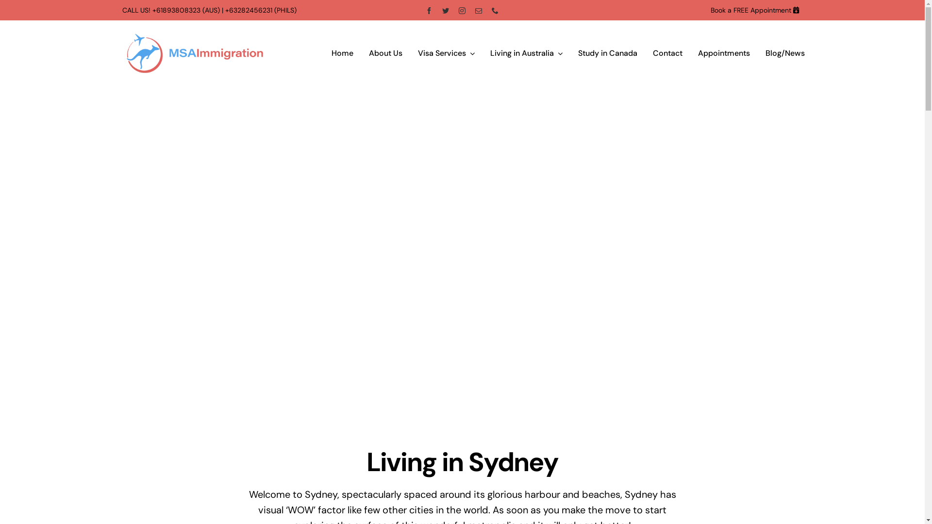 The image size is (932, 524). Describe the element at coordinates (428, 10) in the screenshot. I see `'Facebook'` at that location.